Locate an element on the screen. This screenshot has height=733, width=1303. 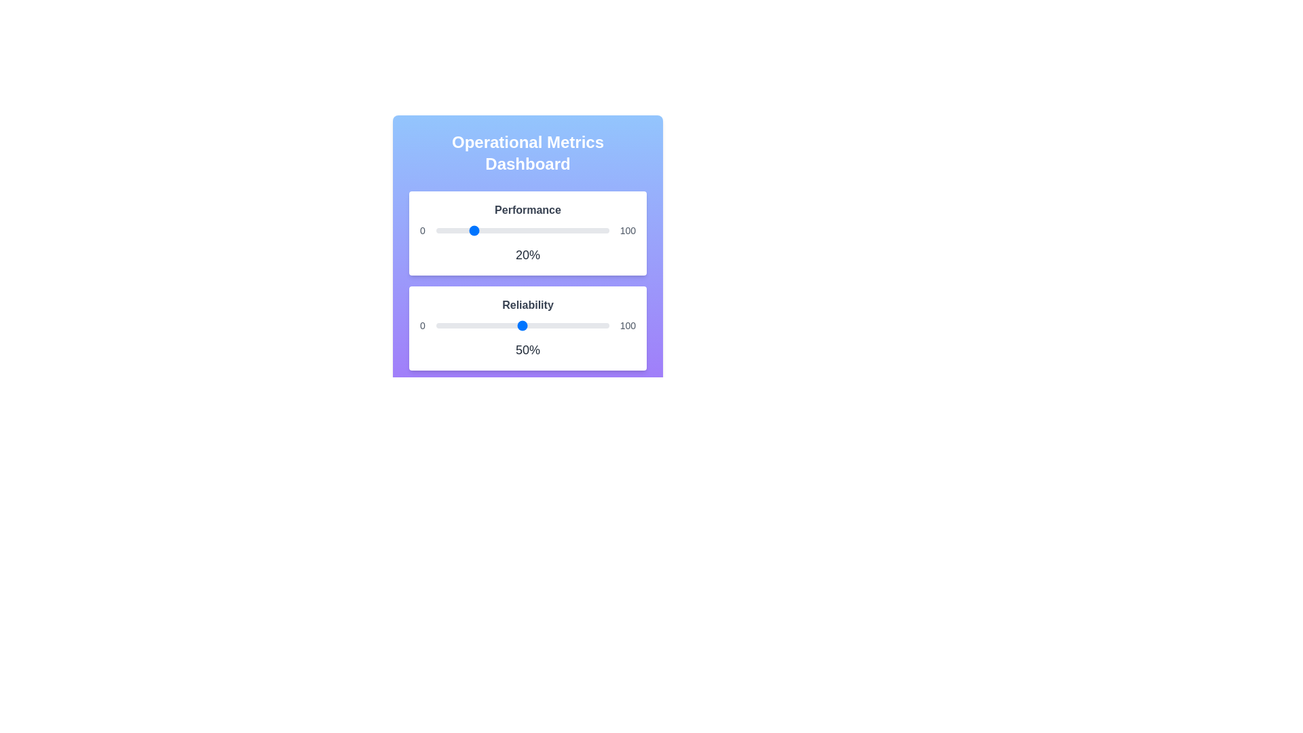
the reliability slider is located at coordinates (499, 325).